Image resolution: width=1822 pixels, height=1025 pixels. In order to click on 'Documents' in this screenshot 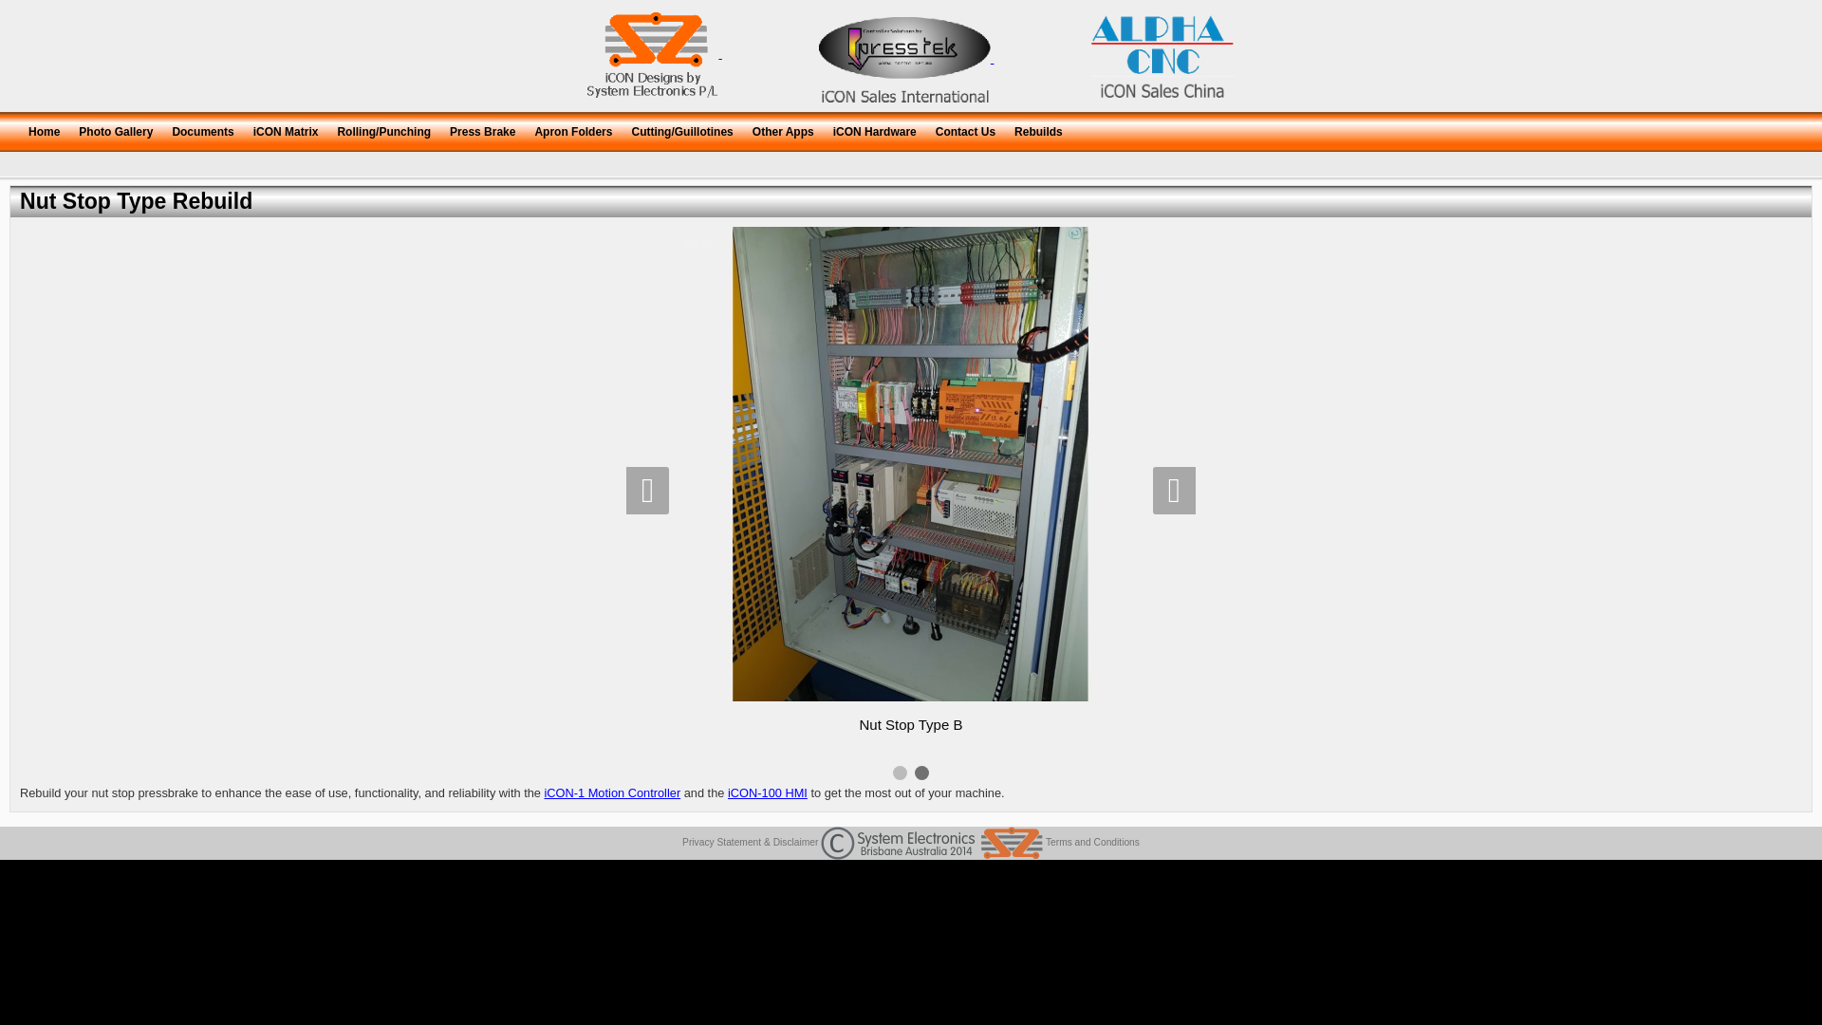, I will do `click(162, 128)`.